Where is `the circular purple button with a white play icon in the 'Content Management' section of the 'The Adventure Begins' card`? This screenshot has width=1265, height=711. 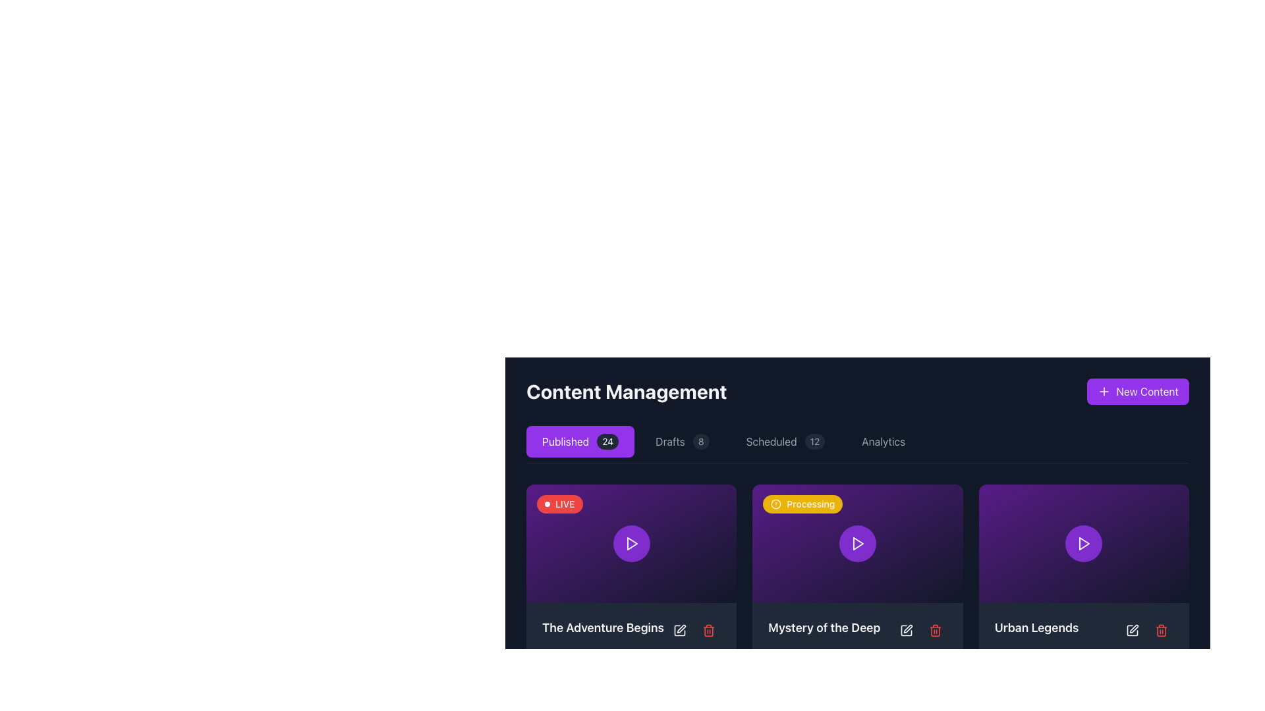 the circular purple button with a white play icon in the 'Content Management' section of the 'The Adventure Begins' card is located at coordinates (631, 543).